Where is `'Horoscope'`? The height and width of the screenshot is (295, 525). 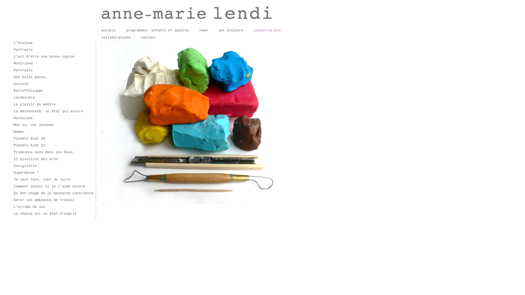
'Horoscope' is located at coordinates (23, 118).